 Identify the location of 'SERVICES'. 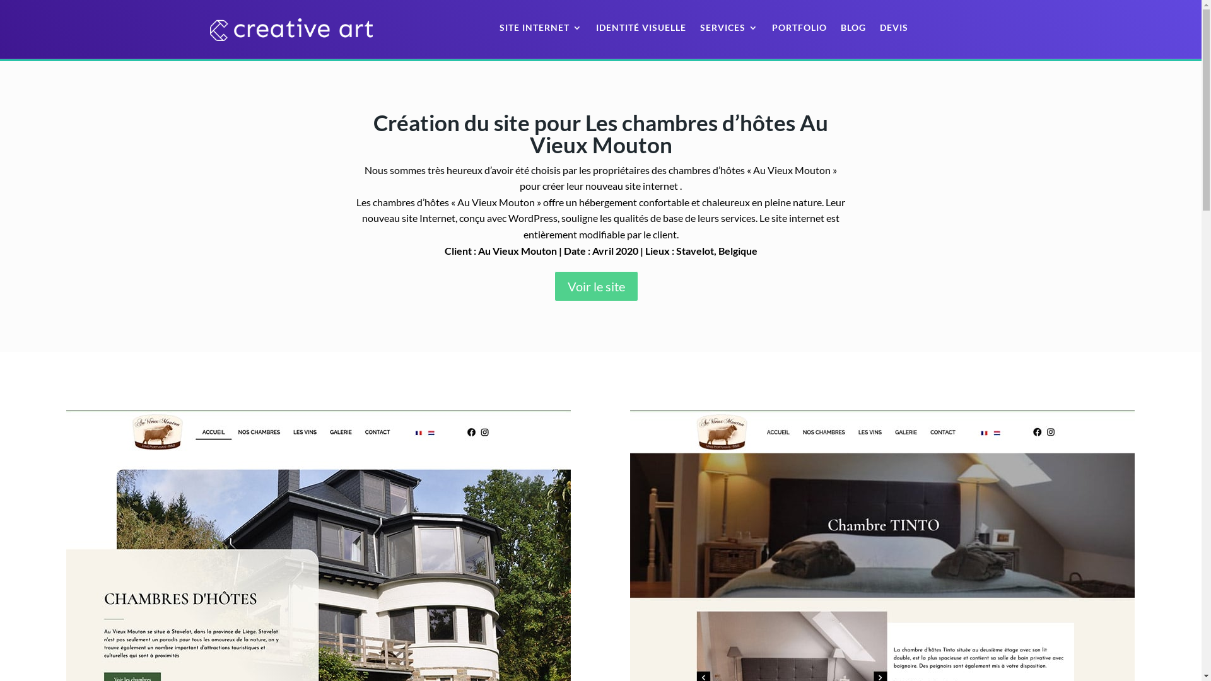
(729, 29).